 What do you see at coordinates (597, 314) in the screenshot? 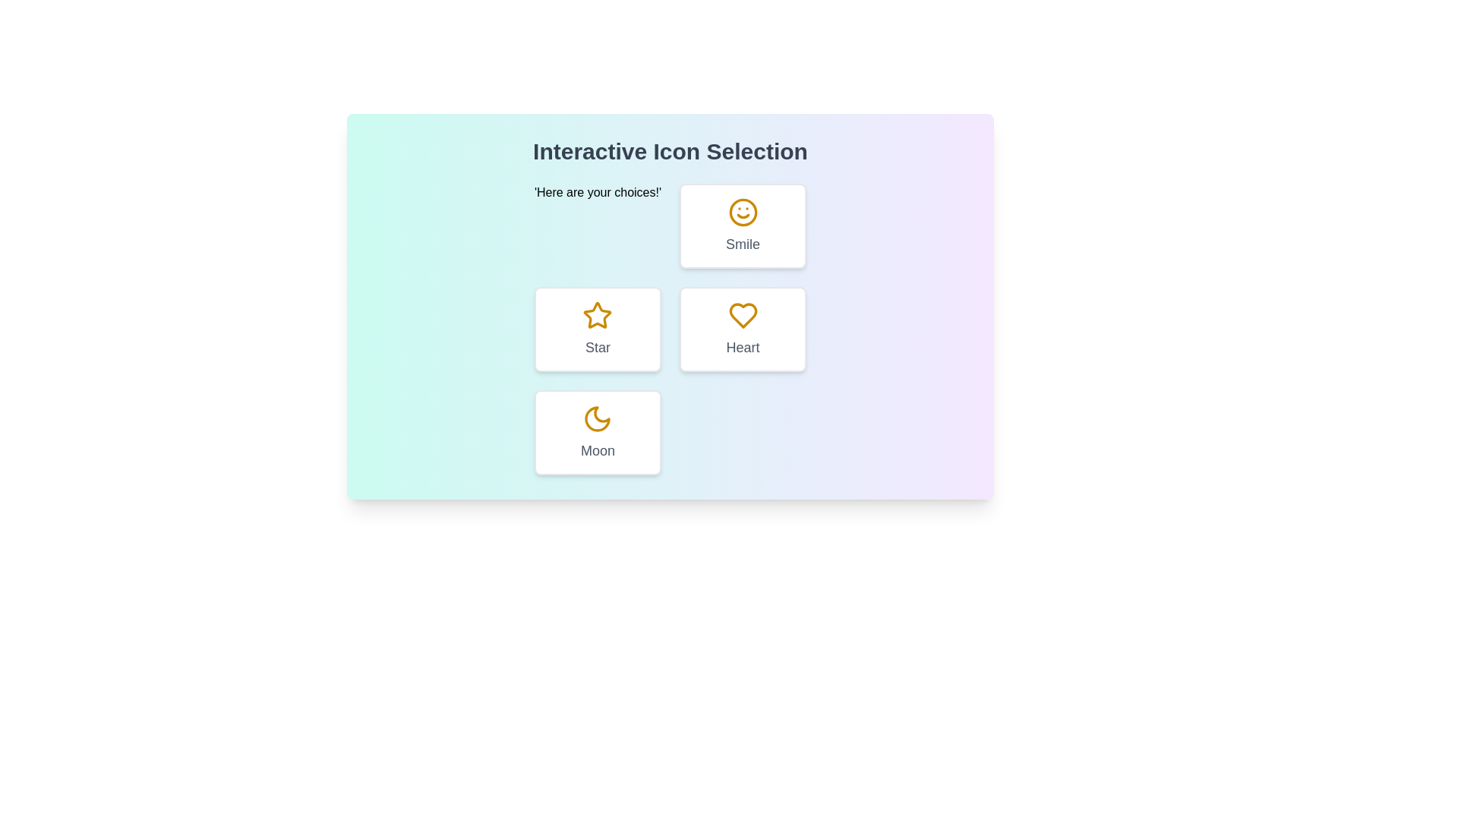
I see `the gold star-shaped icon inside the square tile labeled 'Star' in the middle row of the grid layout below the headings 'Interactive Icon Selection' and 'Here are your choices!'` at bounding box center [597, 314].